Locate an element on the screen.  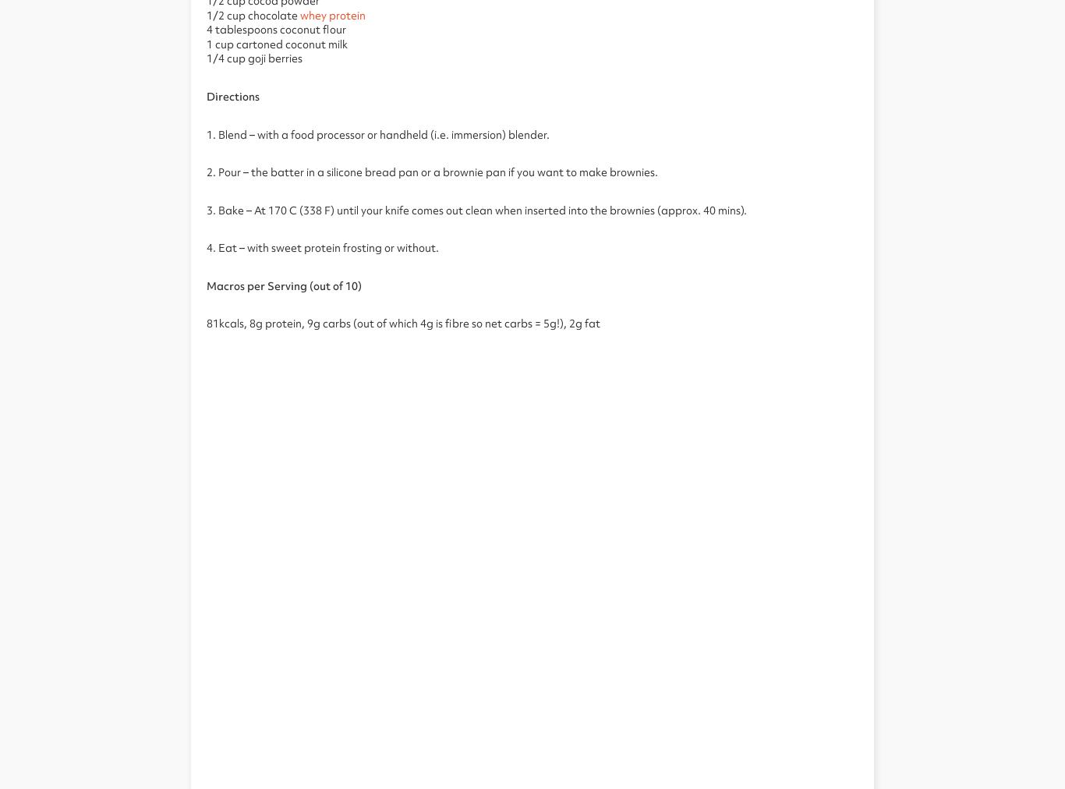
'Protein Works Points T&Cs' is located at coordinates (662, 109).